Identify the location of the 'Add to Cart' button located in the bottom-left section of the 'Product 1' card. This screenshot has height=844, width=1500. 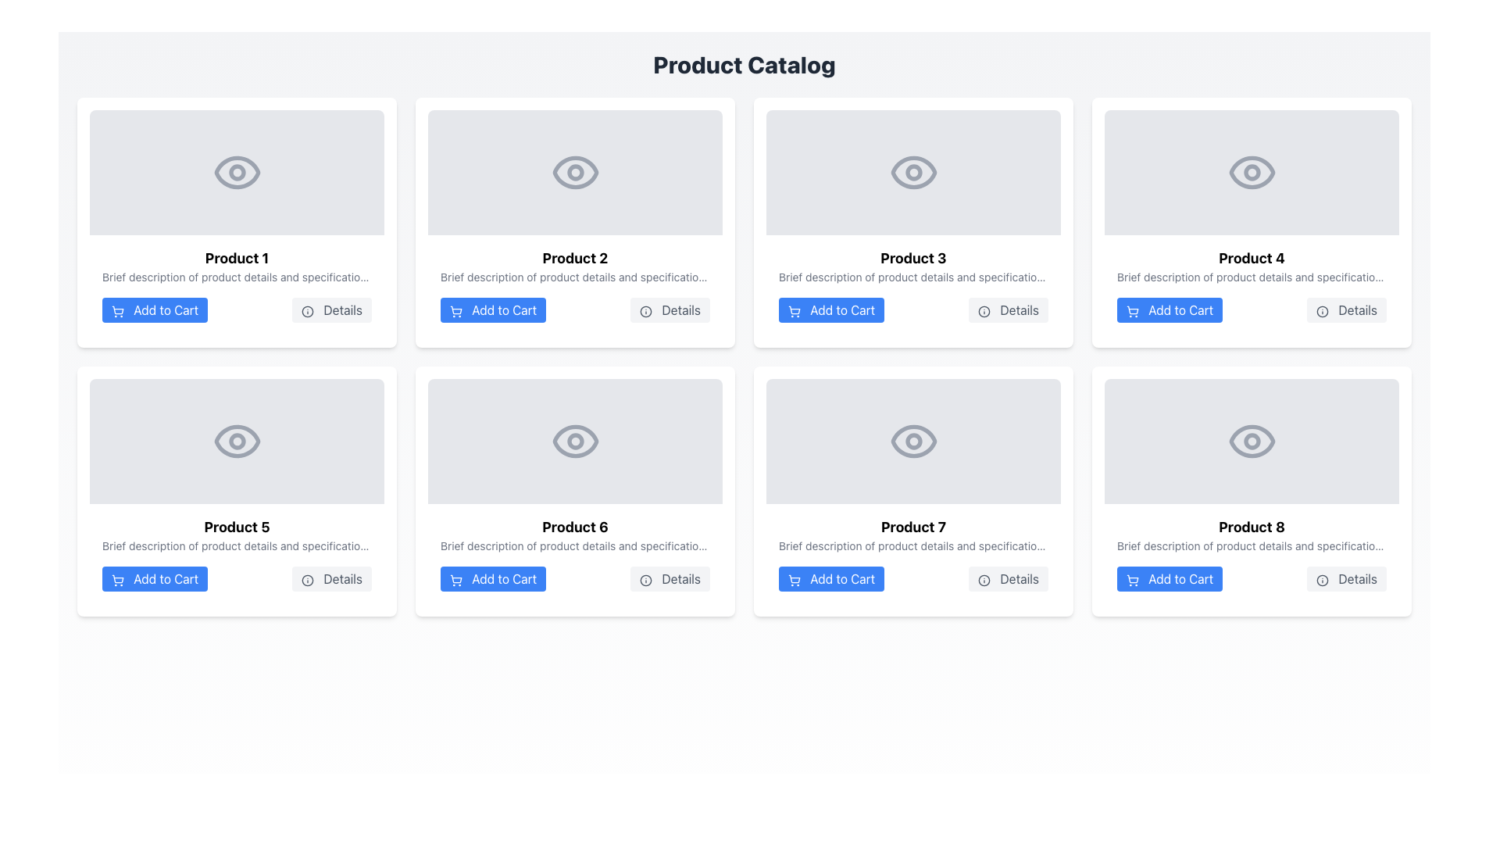
(155, 310).